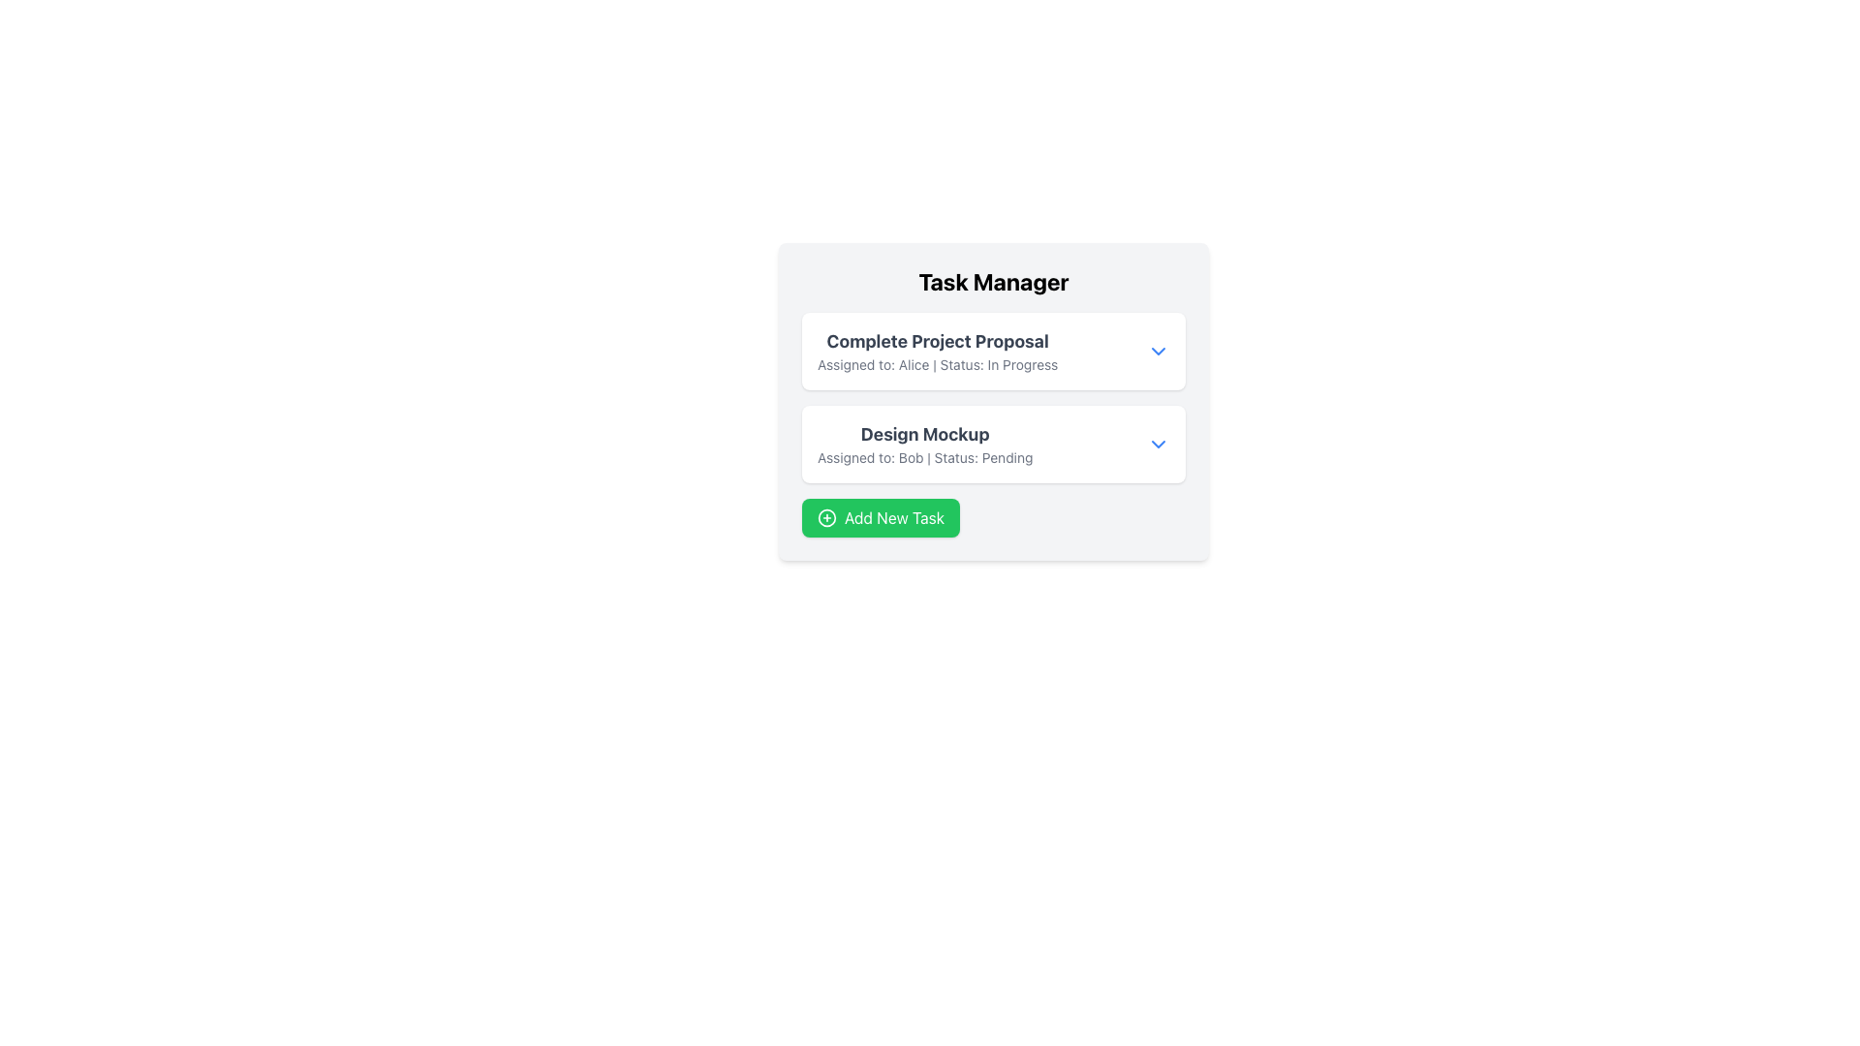  I want to click on the Text Display element that shows 'Design Mockup' and 'Assigned to: Bob | Status: Pending', so click(924, 445).